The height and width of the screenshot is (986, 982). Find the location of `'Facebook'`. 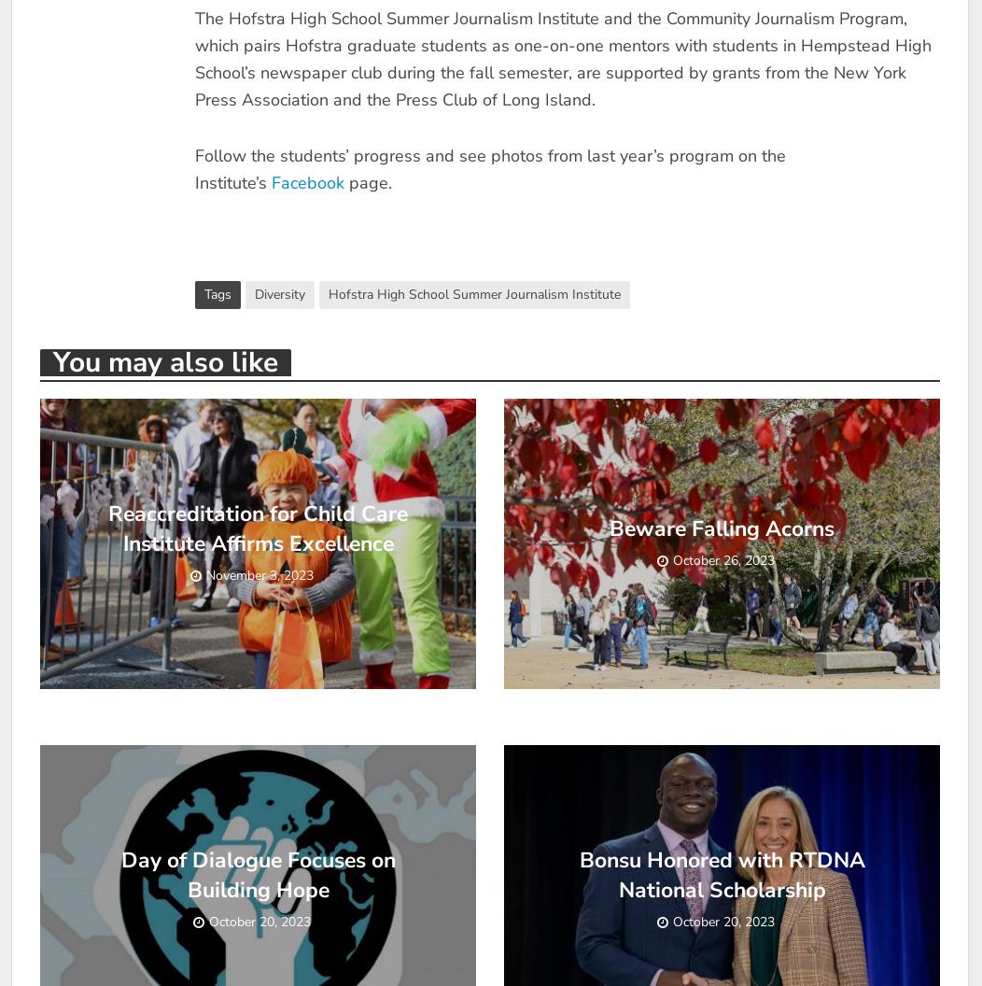

'Facebook' is located at coordinates (305, 182).